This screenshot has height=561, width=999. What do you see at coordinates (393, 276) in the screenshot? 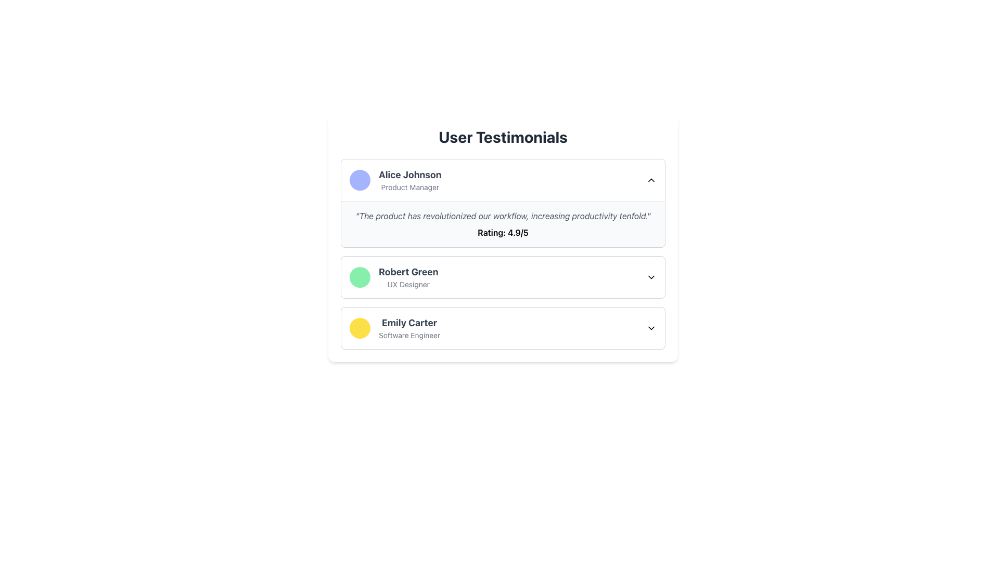
I see `the second entry in the 'User Testimonials' section, which displays user information including the name and role, located between 'Alice Johnson' and 'Emily Carter'` at bounding box center [393, 276].